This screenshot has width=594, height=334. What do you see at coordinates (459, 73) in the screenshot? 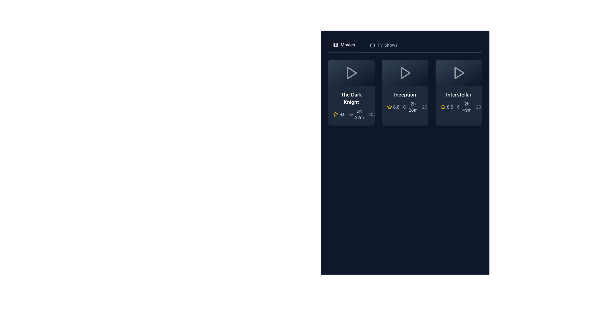
I see `the triangular-shaped play icon located in the top section of the 'Interstellar' card` at bounding box center [459, 73].